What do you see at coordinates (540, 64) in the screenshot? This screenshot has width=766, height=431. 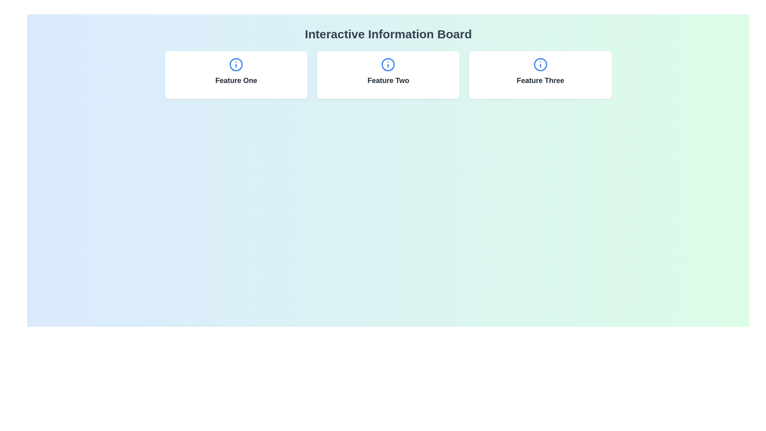 I see `the information indicator icon located in the 'Feature Three' panel, positioned above the text` at bounding box center [540, 64].